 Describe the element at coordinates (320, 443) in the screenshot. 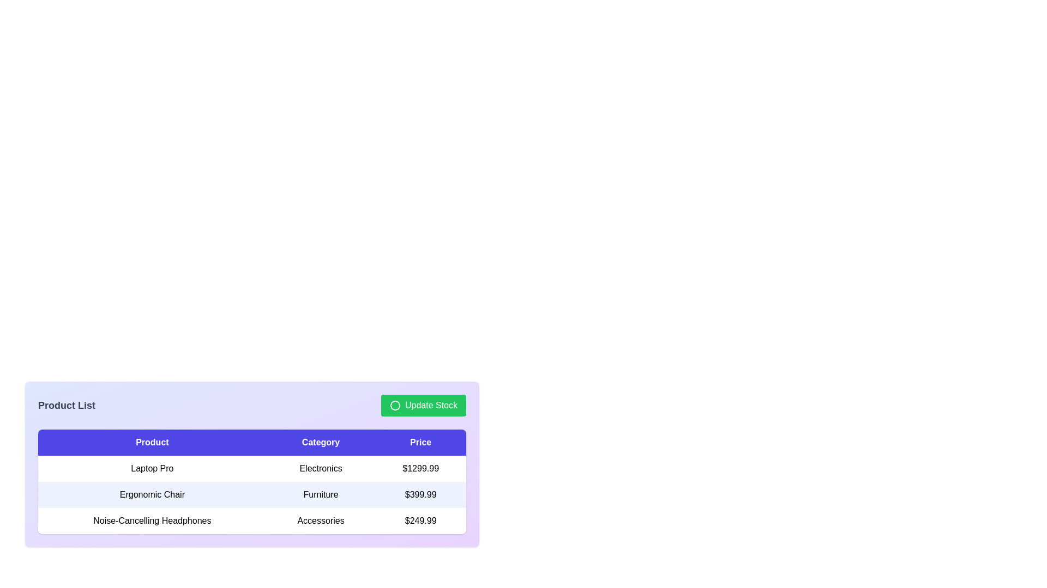

I see `the 'Category' label, which is a rectangular text block with a purple background and white centered text, located in the header row of a table and positioned between the 'Product' and 'Price' labels` at that location.